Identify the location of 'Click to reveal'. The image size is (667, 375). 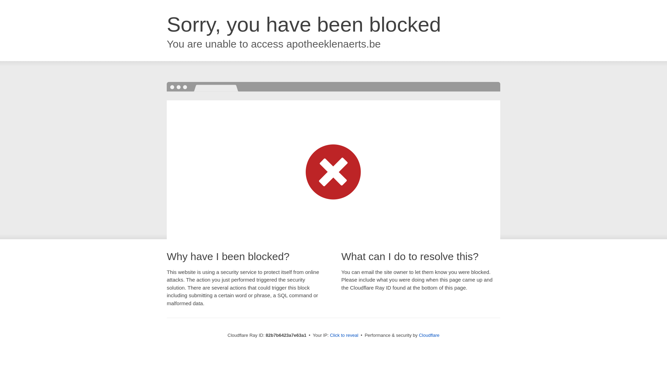
(344, 335).